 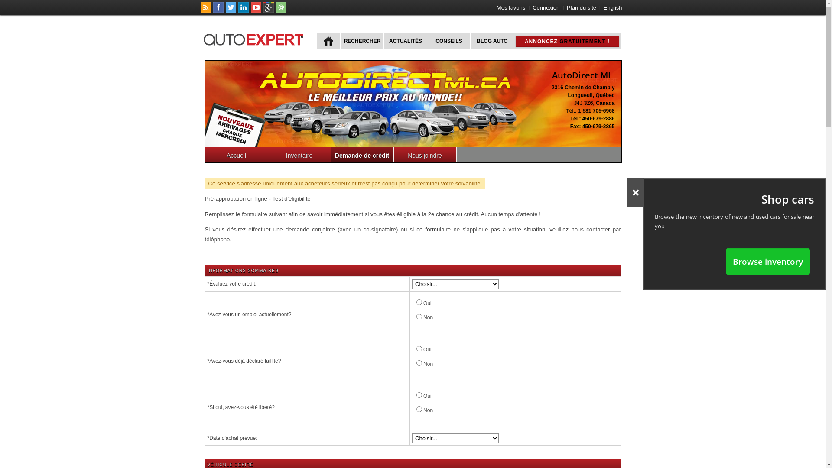 I want to click on 'Joindre autoExpert.ca', so click(x=281, y=10).